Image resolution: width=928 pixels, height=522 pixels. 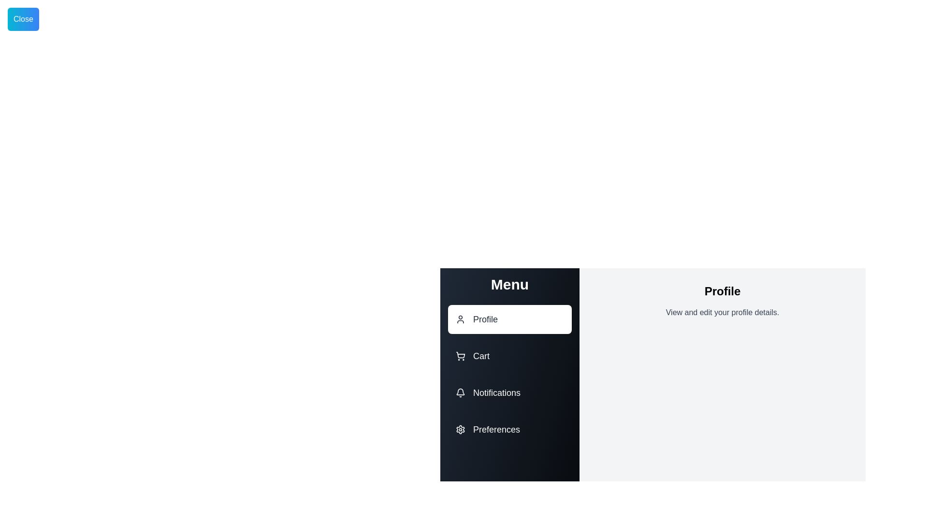 What do you see at coordinates (23, 19) in the screenshot?
I see `the 'Close' button to toggle the drawer visibility` at bounding box center [23, 19].